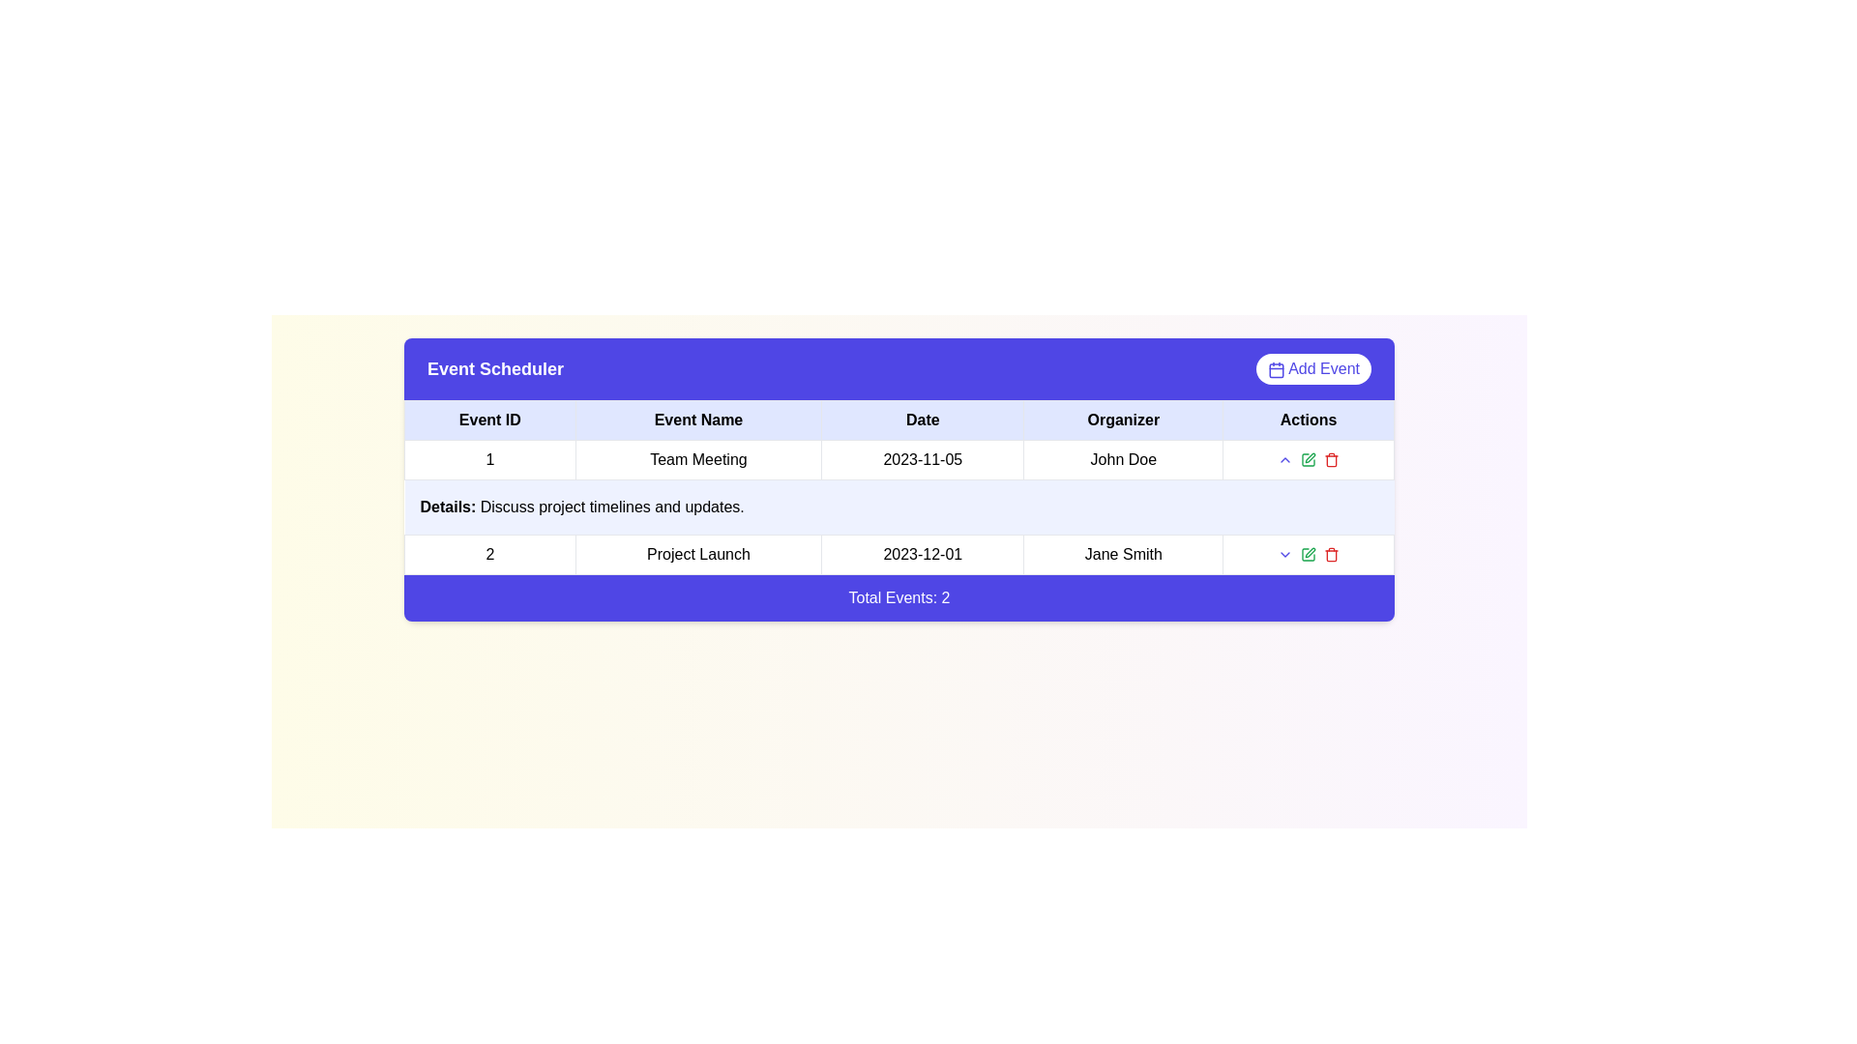 The image size is (1857, 1044). I want to click on the red trash bin icon in the 'Actions' column of the 'Event Scheduler' interface, so click(1331, 555).